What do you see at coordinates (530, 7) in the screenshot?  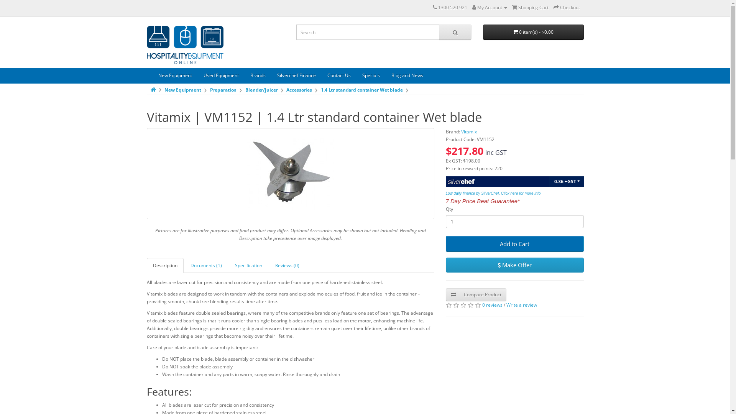 I see `'Shopping Cart'` at bounding box center [530, 7].